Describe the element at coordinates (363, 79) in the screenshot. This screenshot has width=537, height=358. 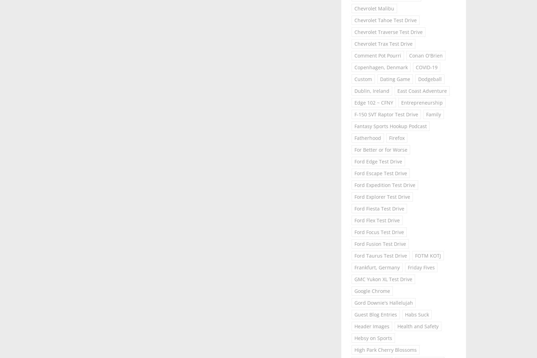
I see `'Custom'` at that location.